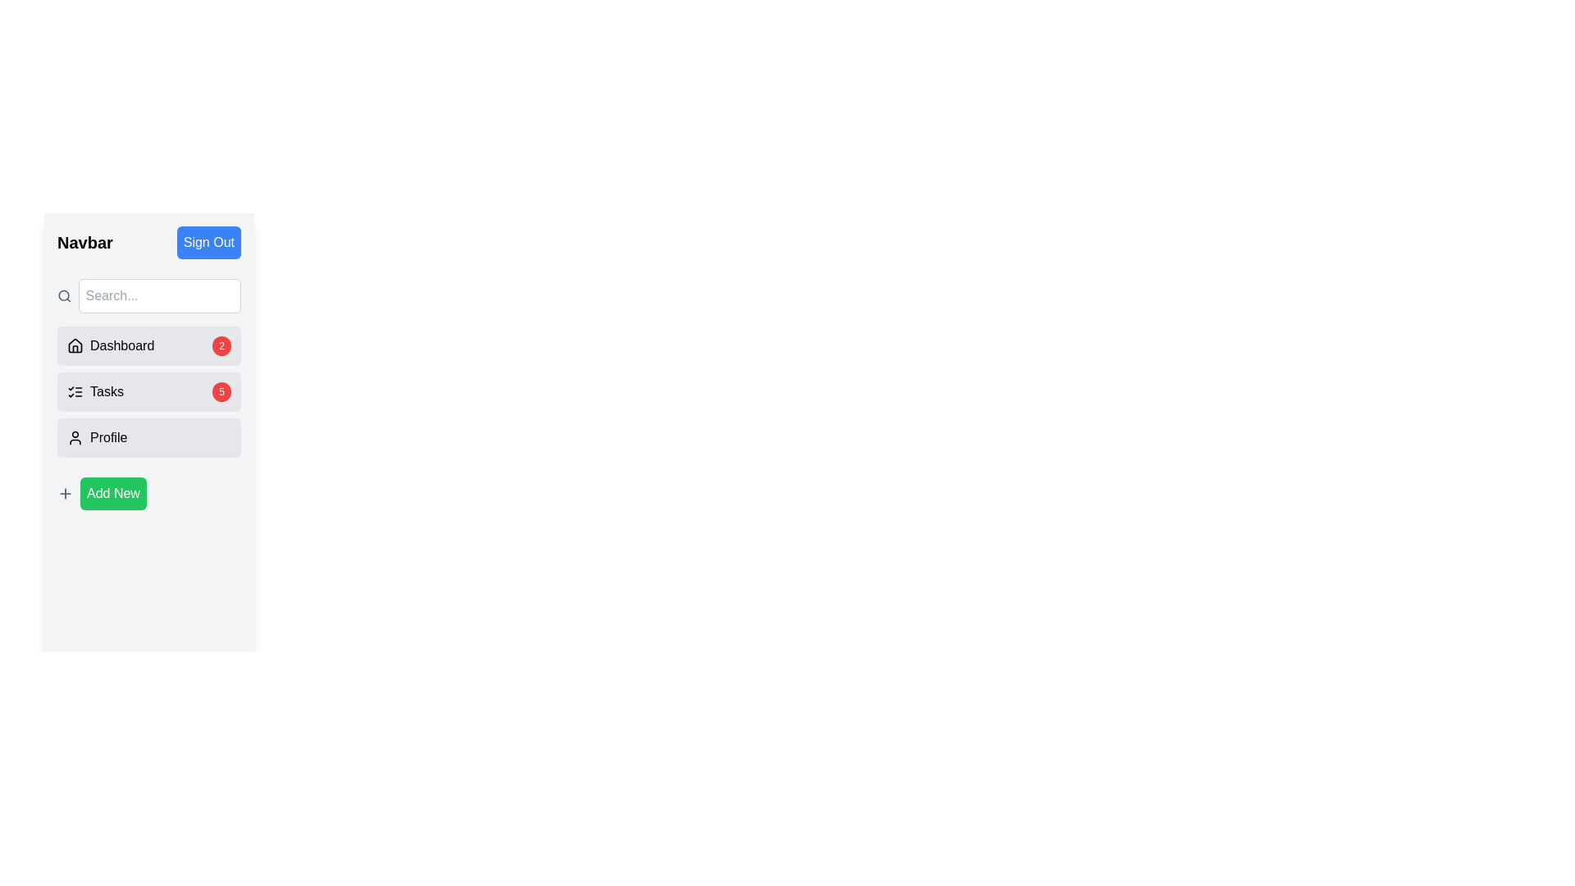  I want to click on the search icon, which features a circular outline and a magnifying glass, located next to the text input field in the vertical navigation panel, so click(64, 296).